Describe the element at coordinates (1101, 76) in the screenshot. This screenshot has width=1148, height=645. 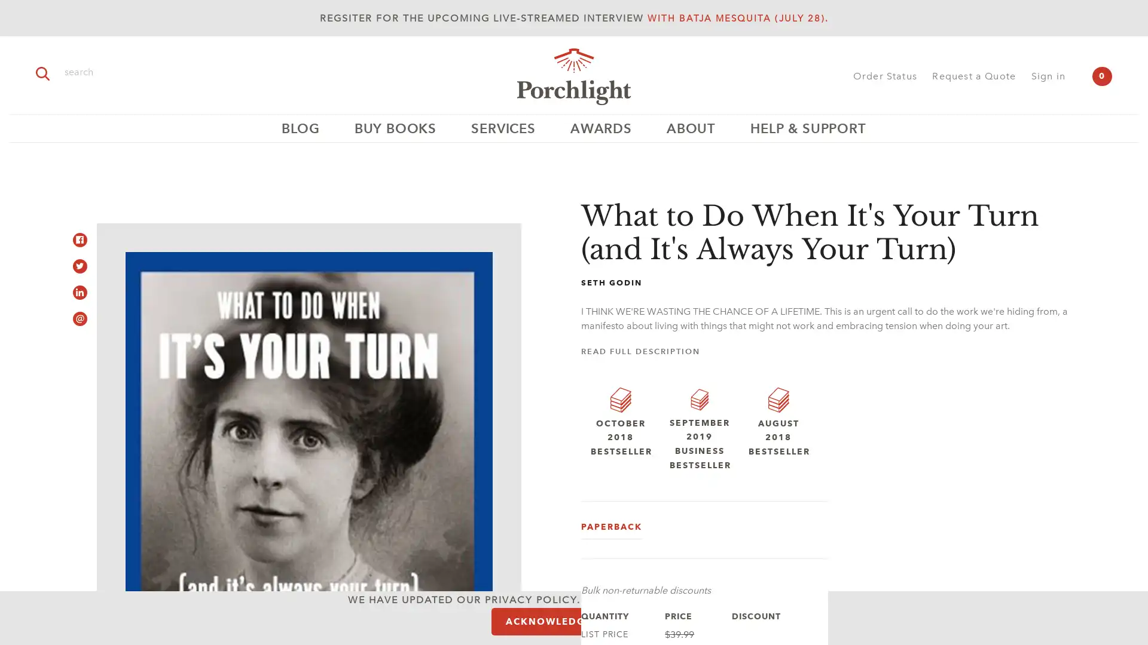
I see `0` at that location.